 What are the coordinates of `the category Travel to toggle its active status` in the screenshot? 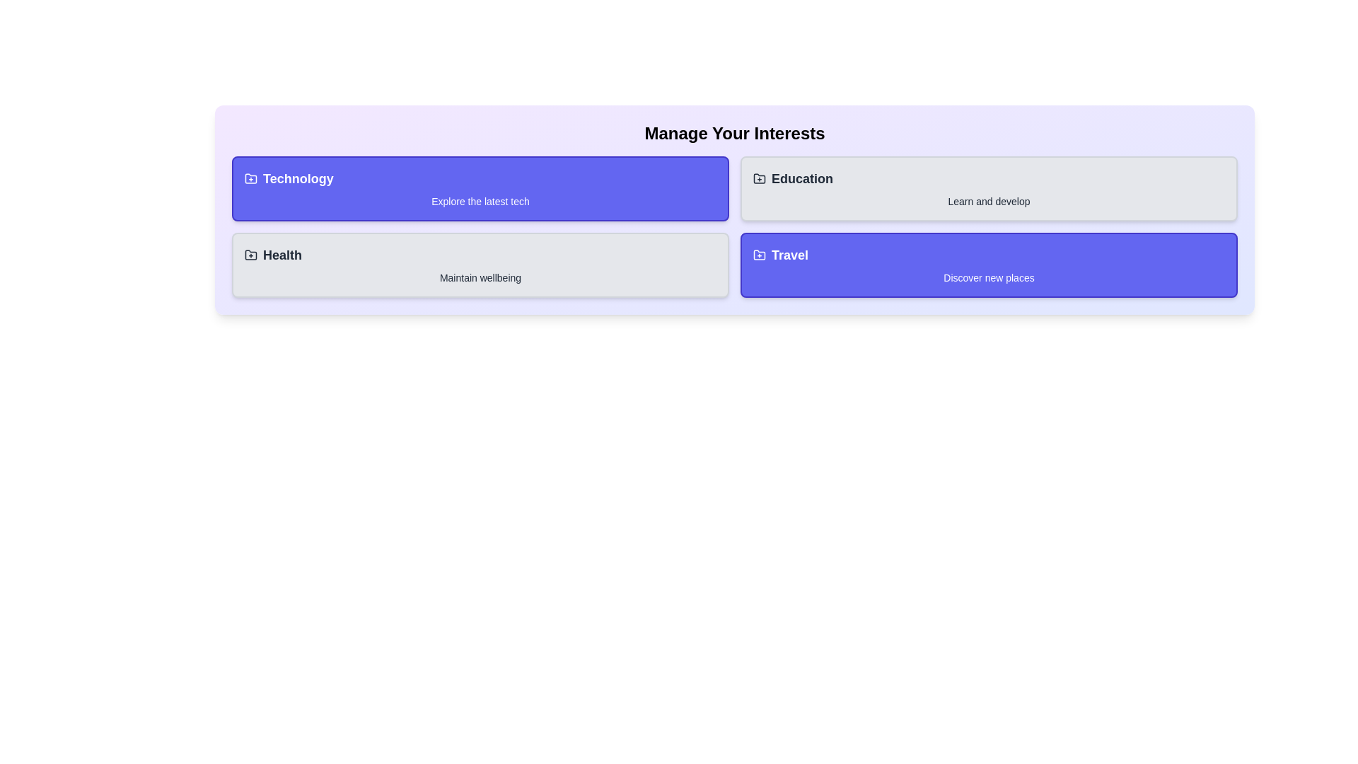 It's located at (988, 265).